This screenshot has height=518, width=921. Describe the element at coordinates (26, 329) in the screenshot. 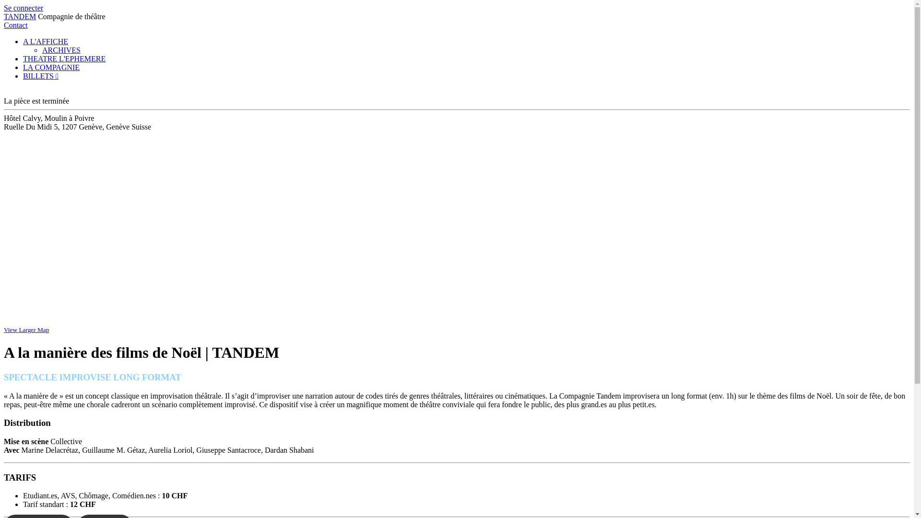

I see `'View Larger Map'` at that location.